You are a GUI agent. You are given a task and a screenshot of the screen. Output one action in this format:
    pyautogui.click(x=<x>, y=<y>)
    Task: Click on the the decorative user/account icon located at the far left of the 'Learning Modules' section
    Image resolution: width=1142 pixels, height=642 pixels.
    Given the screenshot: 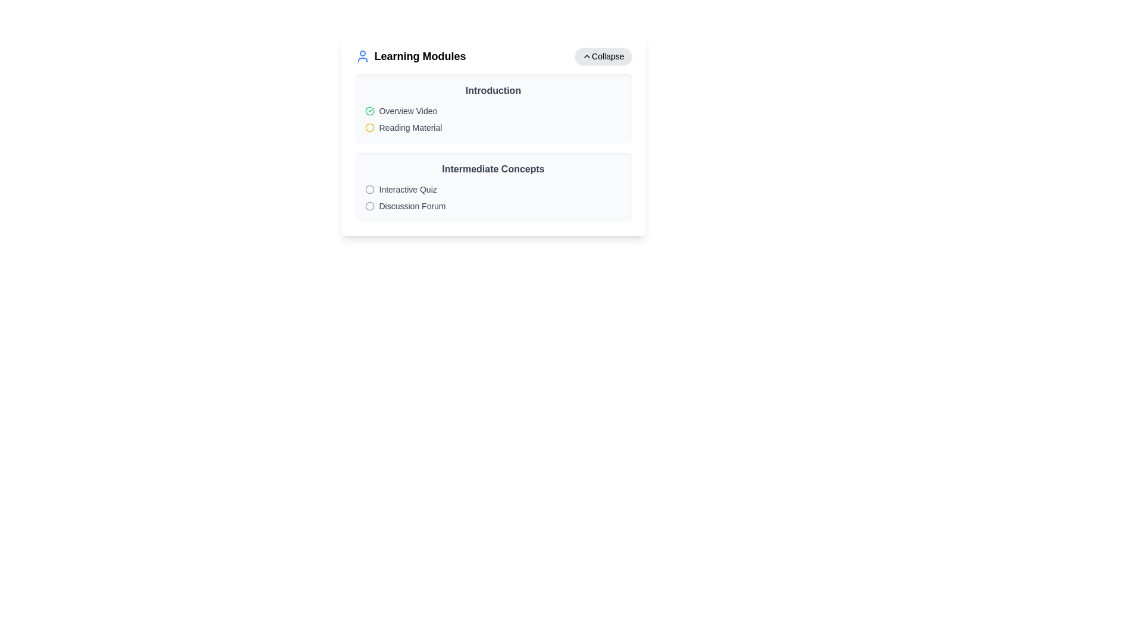 What is the action you would take?
    pyautogui.click(x=362, y=56)
    